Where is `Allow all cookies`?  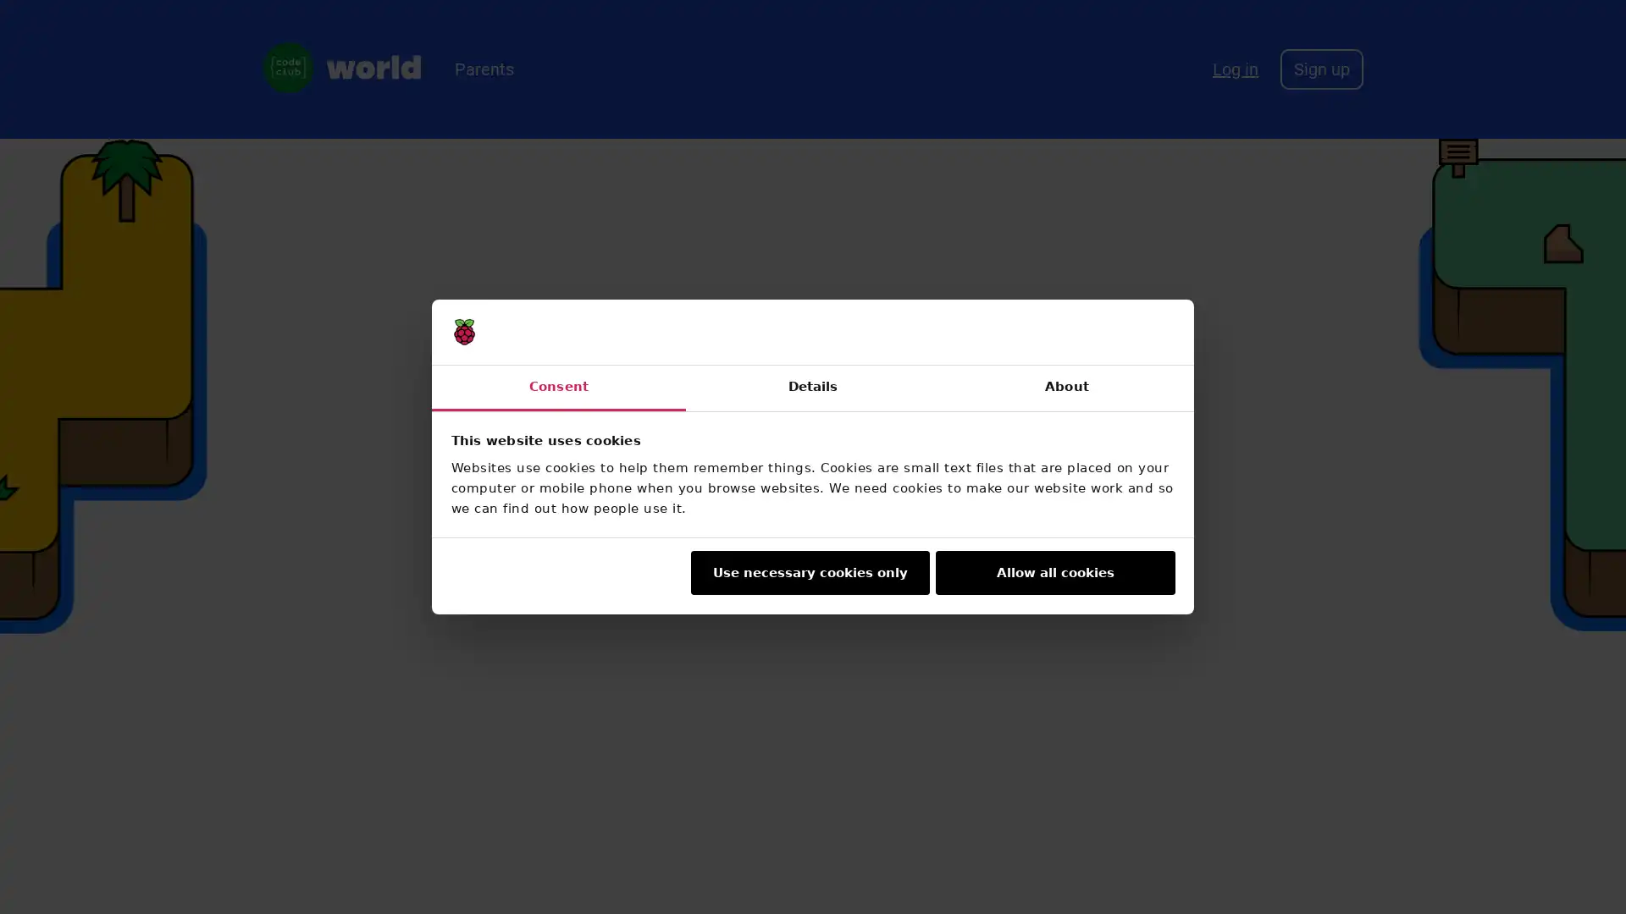
Allow all cookies is located at coordinates (1054, 572).